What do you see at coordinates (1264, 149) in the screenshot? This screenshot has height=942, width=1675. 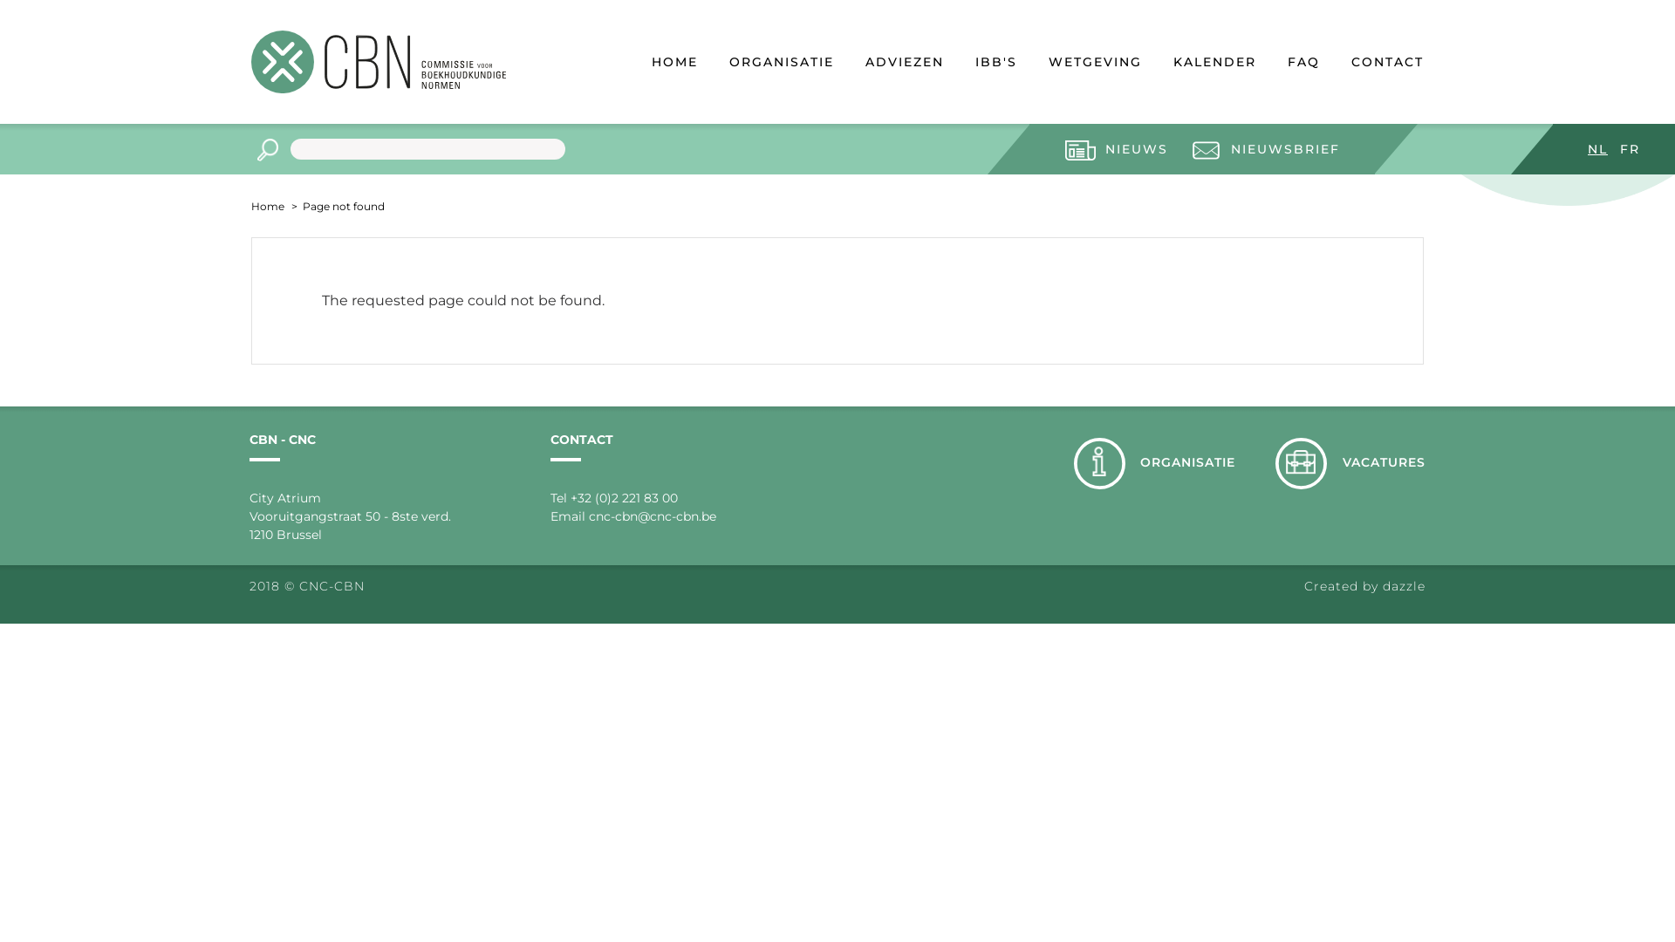 I see `'NIEUWSBRIEF'` at bounding box center [1264, 149].